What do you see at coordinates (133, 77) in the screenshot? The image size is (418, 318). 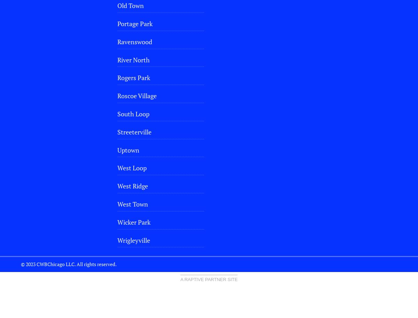 I see `'Rogers Park'` at bounding box center [133, 77].